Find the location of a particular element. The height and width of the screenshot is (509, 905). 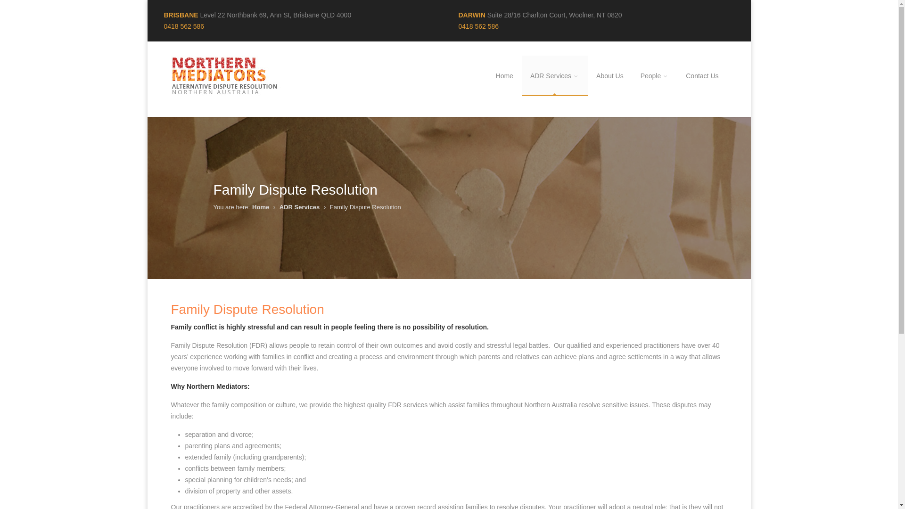

'ADR Services' is located at coordinates (554, 75).